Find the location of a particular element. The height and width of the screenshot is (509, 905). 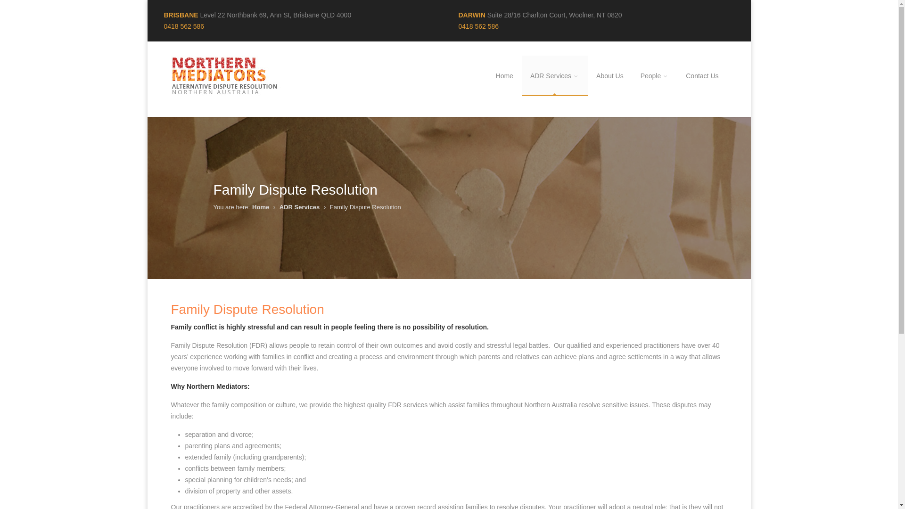

'ADR Services' is located at coordinates (554, 75).